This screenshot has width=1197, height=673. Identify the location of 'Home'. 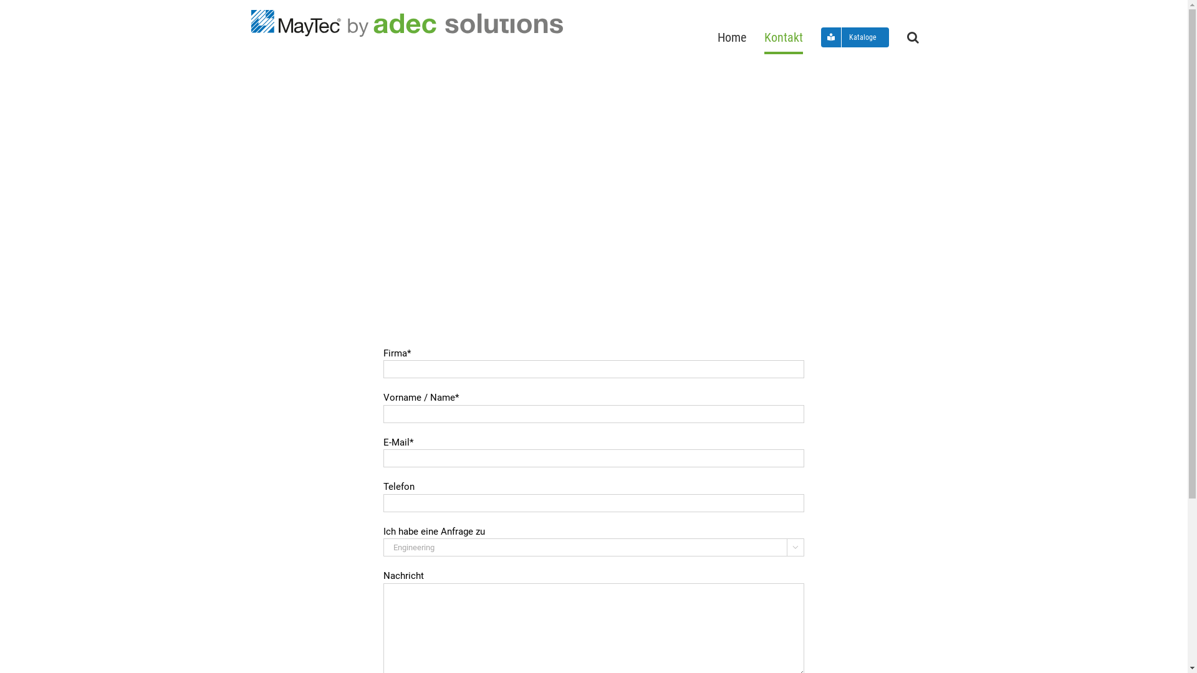
(717, 37).